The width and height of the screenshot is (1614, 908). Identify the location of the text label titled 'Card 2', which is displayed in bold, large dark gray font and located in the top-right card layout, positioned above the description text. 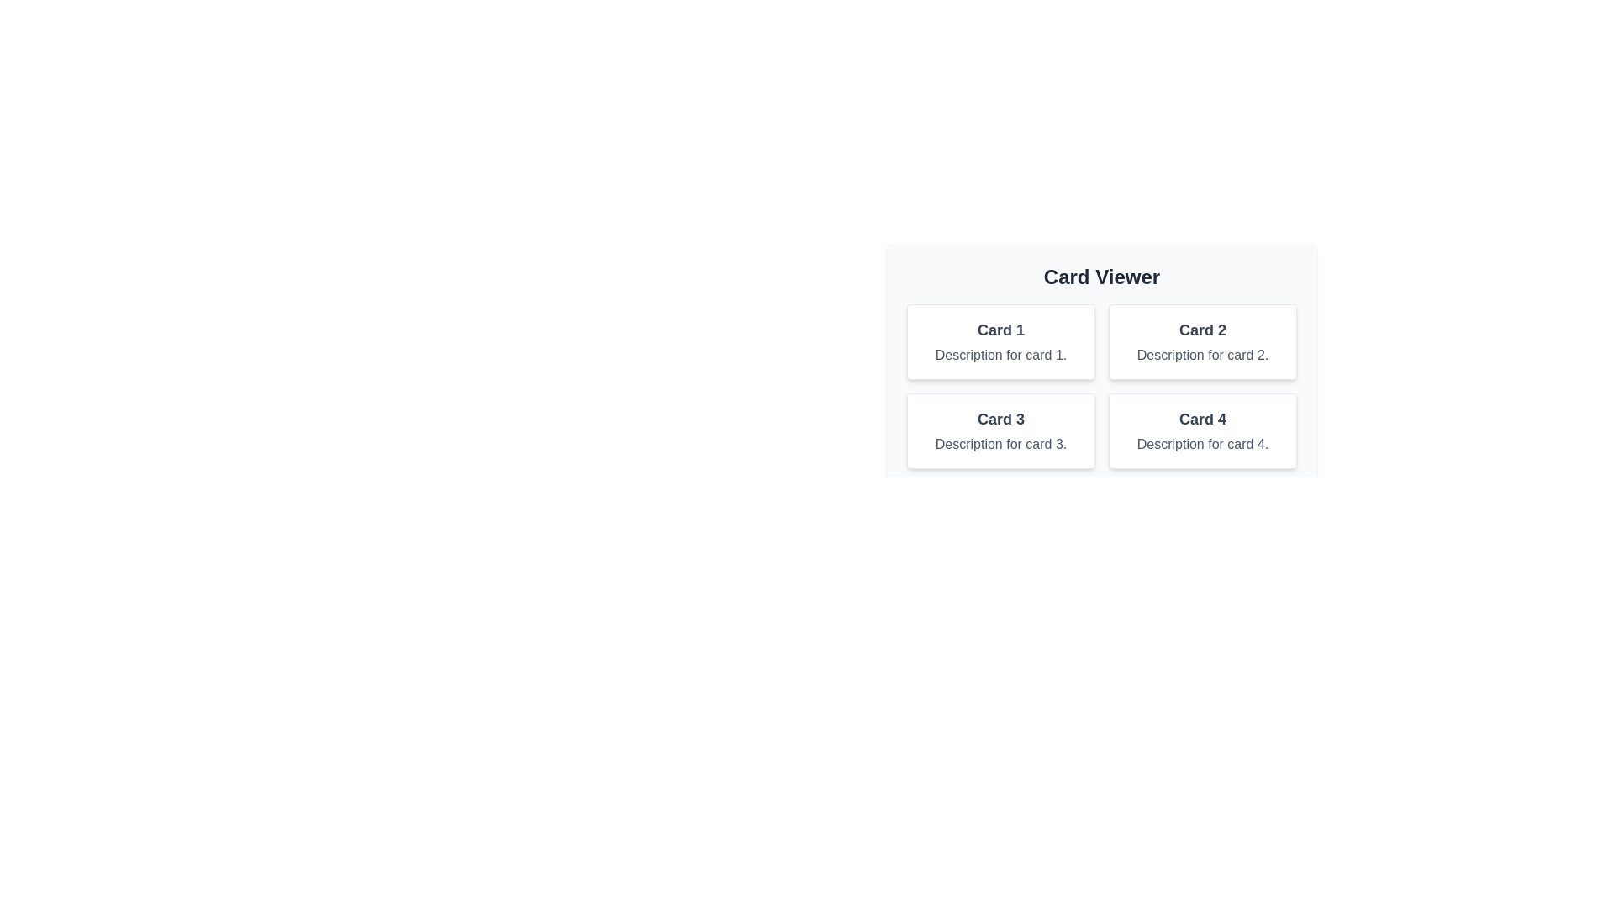
(1201, 330).